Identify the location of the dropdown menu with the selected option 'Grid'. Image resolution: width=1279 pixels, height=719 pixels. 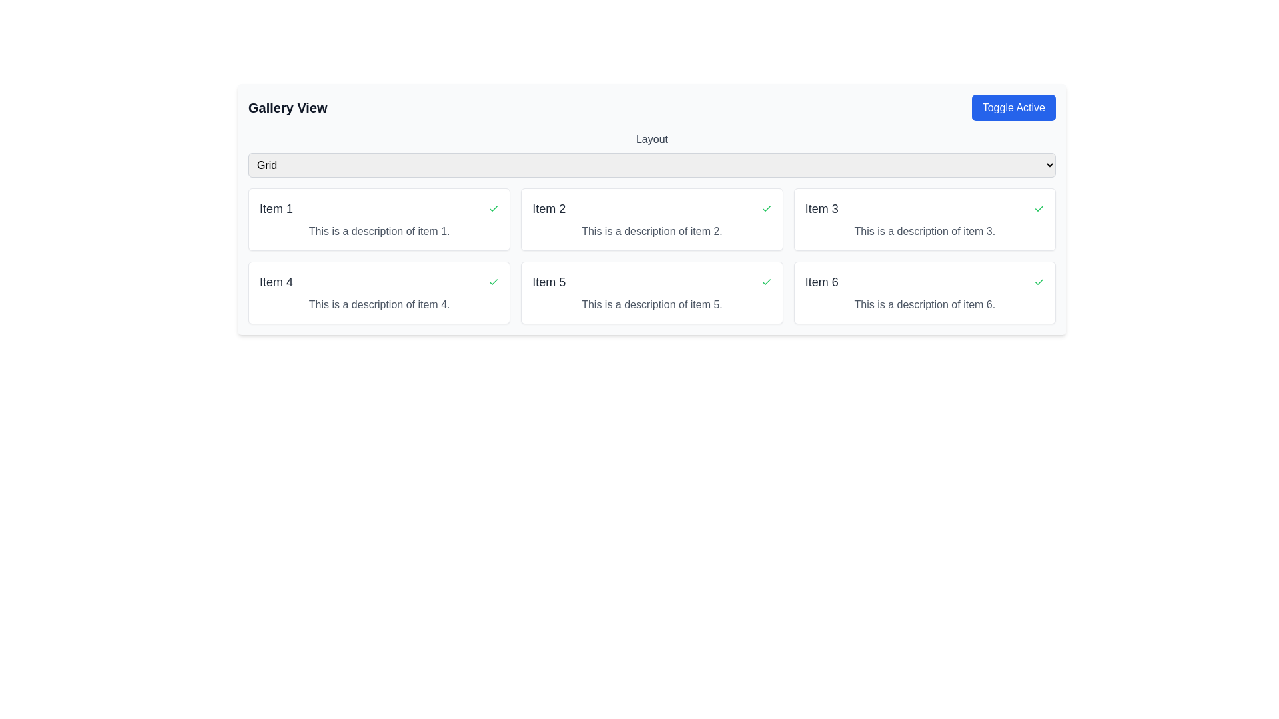
(652, 164).